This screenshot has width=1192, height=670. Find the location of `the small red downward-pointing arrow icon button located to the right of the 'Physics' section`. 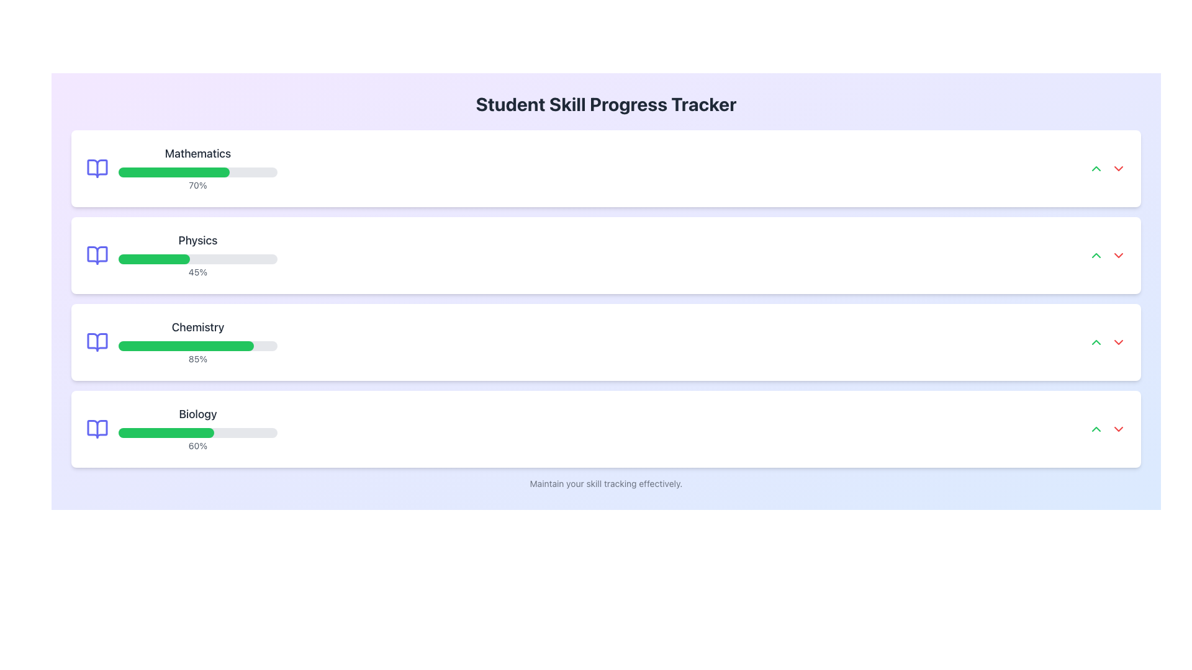

the small red downward-pointing arrow icon button located to the right of the 'Physics' section is located at coordinates (1118, 255).